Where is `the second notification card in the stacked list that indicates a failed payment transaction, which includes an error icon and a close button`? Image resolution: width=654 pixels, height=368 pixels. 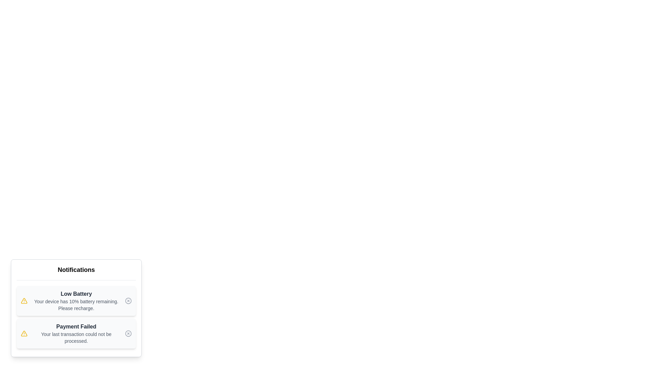 the second notification card in the stacked list that indicates a failed payment transaction, which includes an error icon and a close button is located at coordinates (76, 333).